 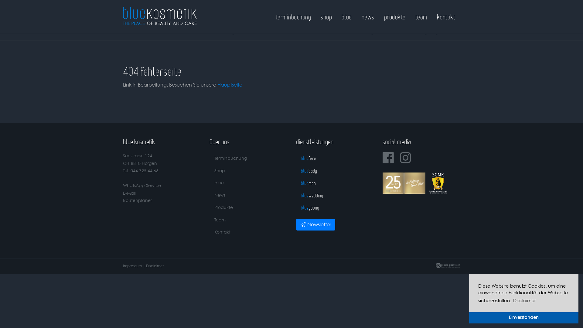 I want to click on 'Impressum', so click(x=122, y=265).